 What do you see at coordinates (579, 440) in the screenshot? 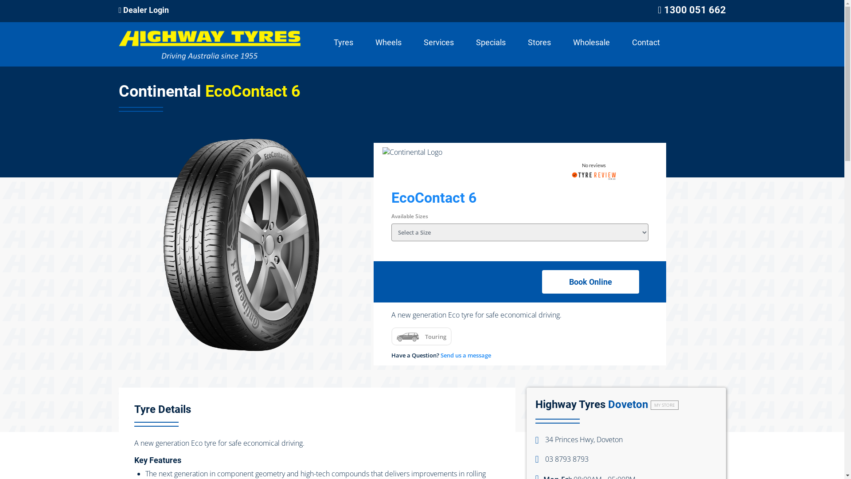
I see `'34 Princes Hwy, Doveton'` at bounding box center [579, 440].